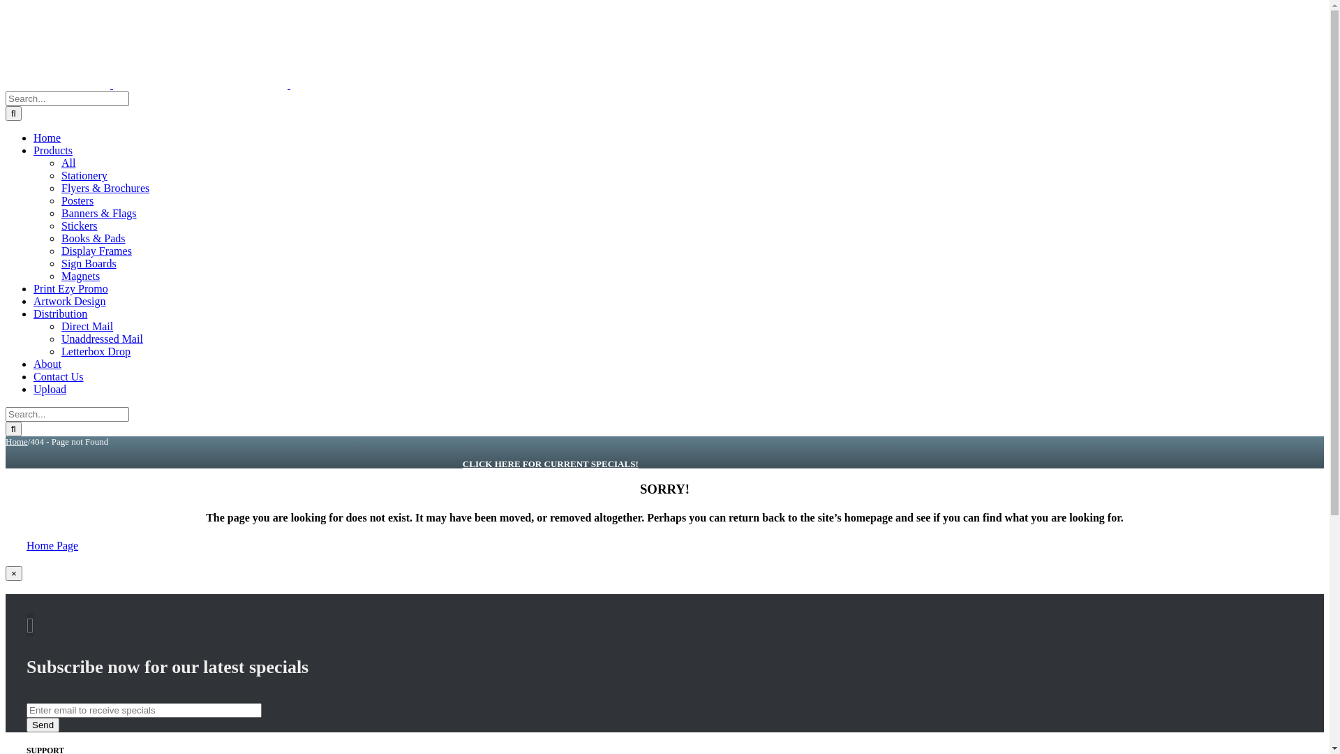  Describe the element at coordinates (93, 237) in the screenshot. I see `'Books & Pads'` at that location.